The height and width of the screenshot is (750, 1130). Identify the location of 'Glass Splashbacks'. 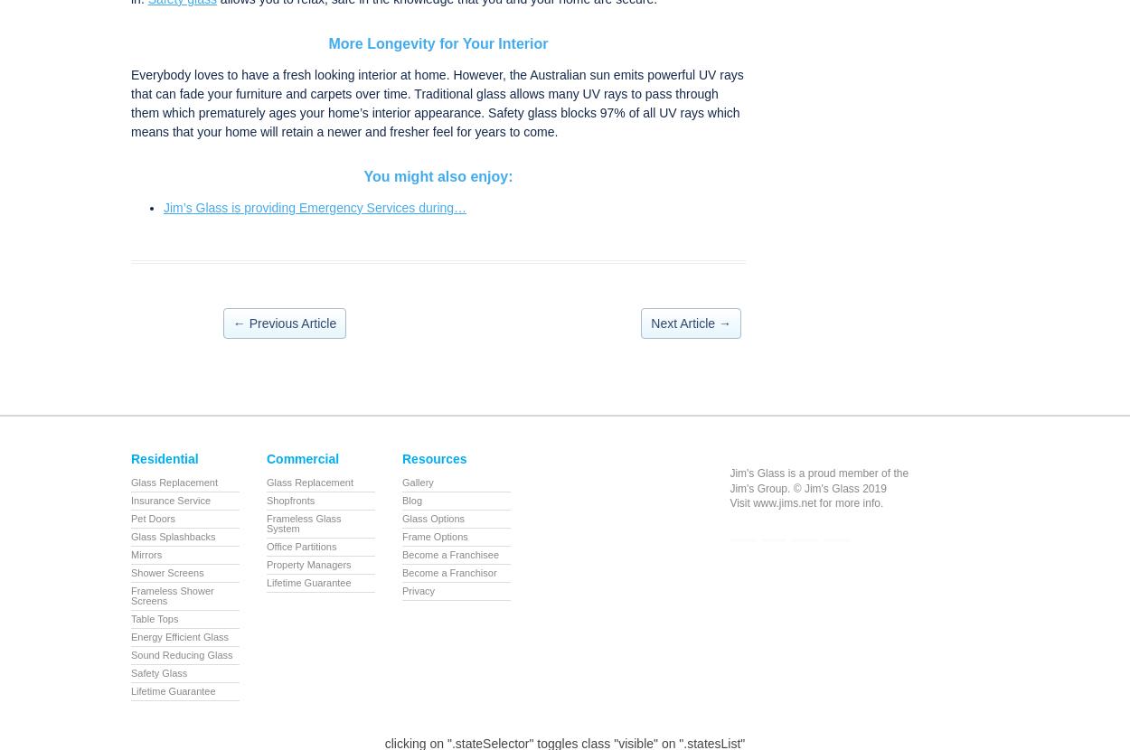
(131, 536).